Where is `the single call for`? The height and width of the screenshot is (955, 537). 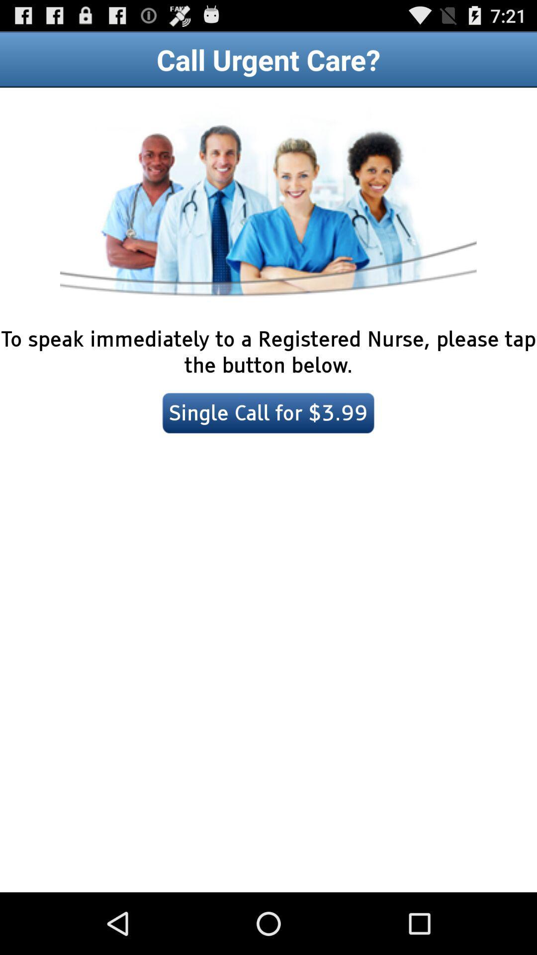
the single call for is located at coordinates (268, 413).